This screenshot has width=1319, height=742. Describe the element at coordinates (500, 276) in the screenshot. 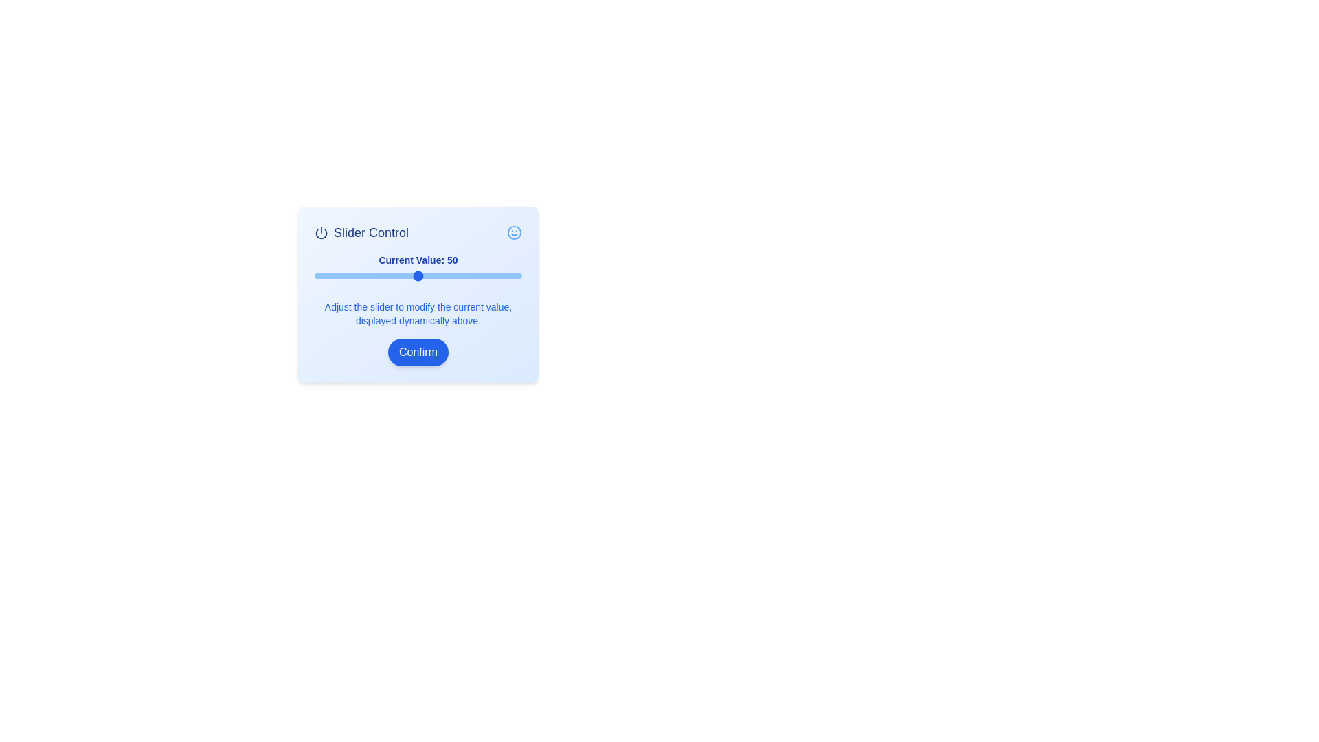

I see `the slider value` at that location.